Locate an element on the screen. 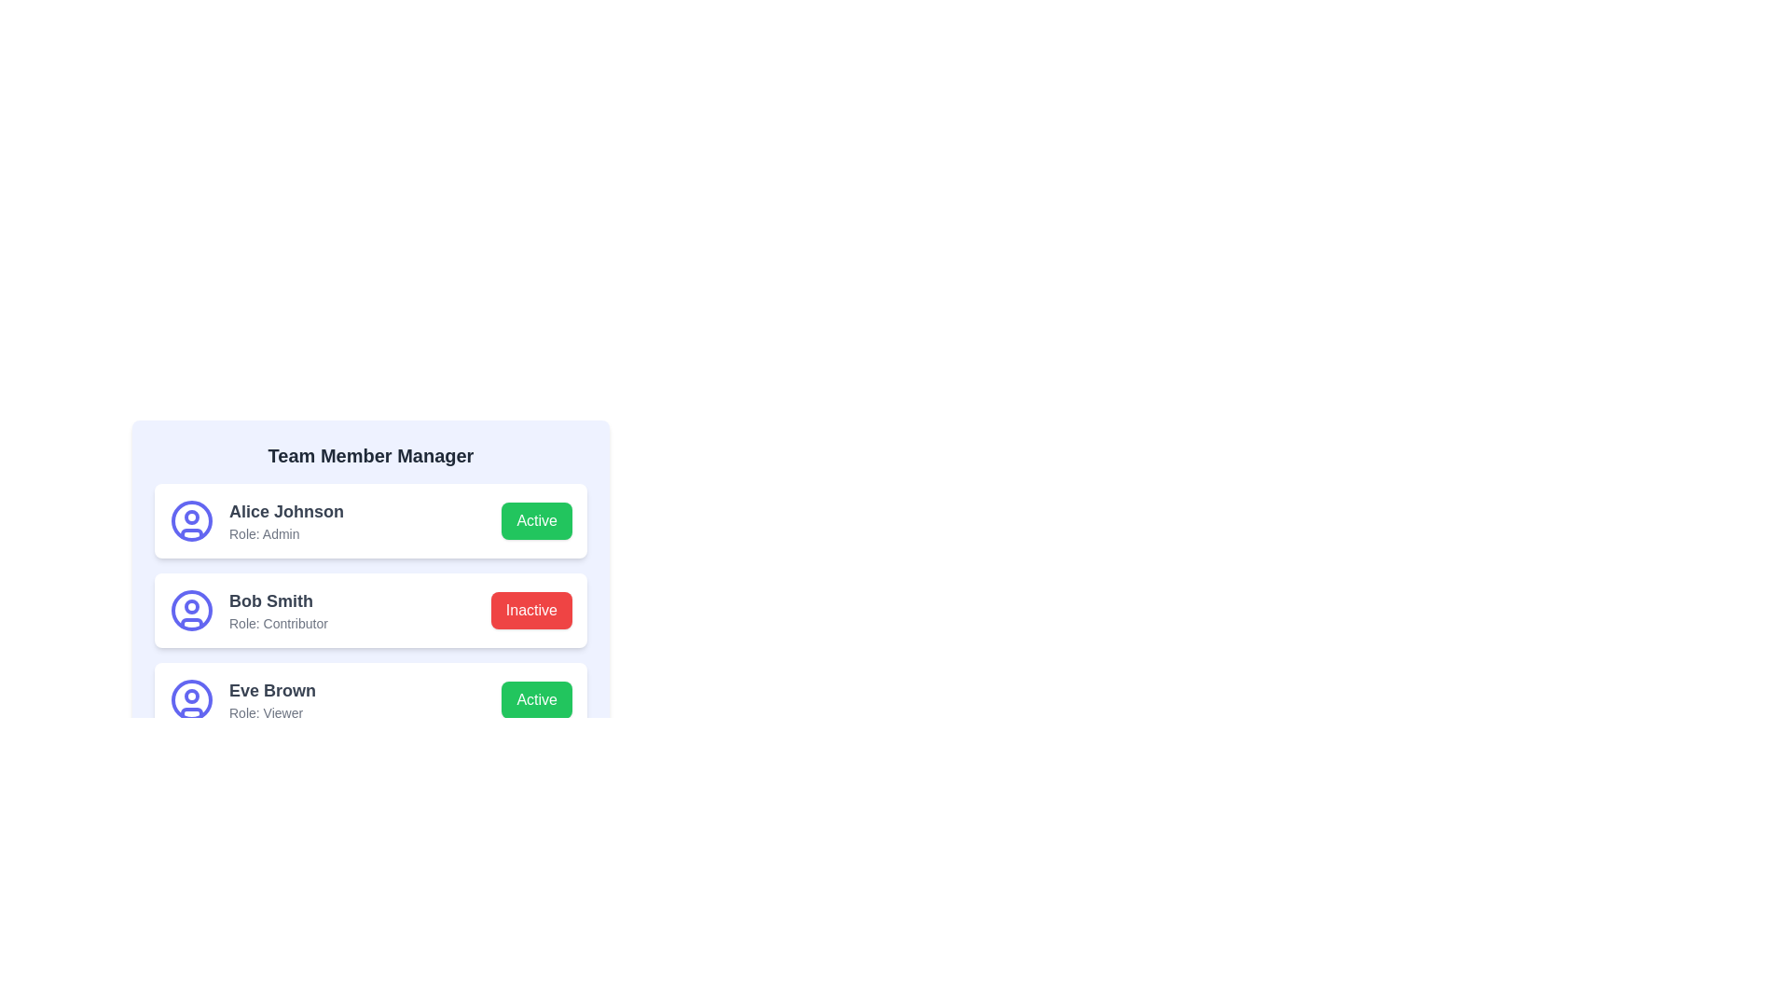 The height and width of the screenshot is (1007, 1790). the name identifier label for the user 'Alice Johnson' located at the top-center of the first card in the user cards list is located at coordinates (285, 511).